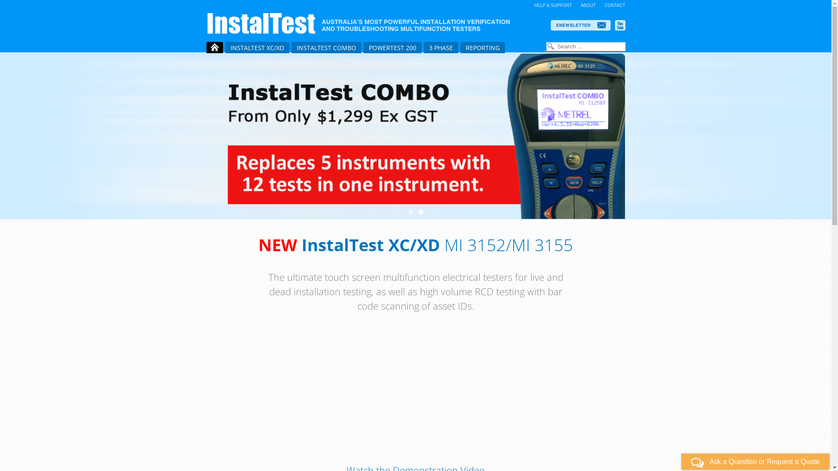 This screenshot has height=471, width=838. I want to click on 'INSTALTEST COMBO', so click(326, 48).